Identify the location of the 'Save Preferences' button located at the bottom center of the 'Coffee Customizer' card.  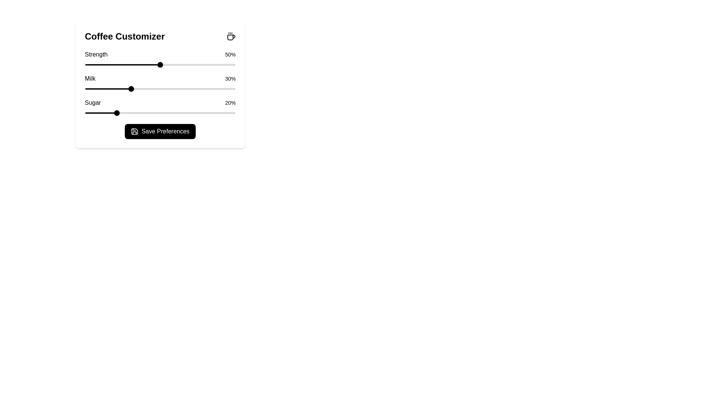
(160, 131).